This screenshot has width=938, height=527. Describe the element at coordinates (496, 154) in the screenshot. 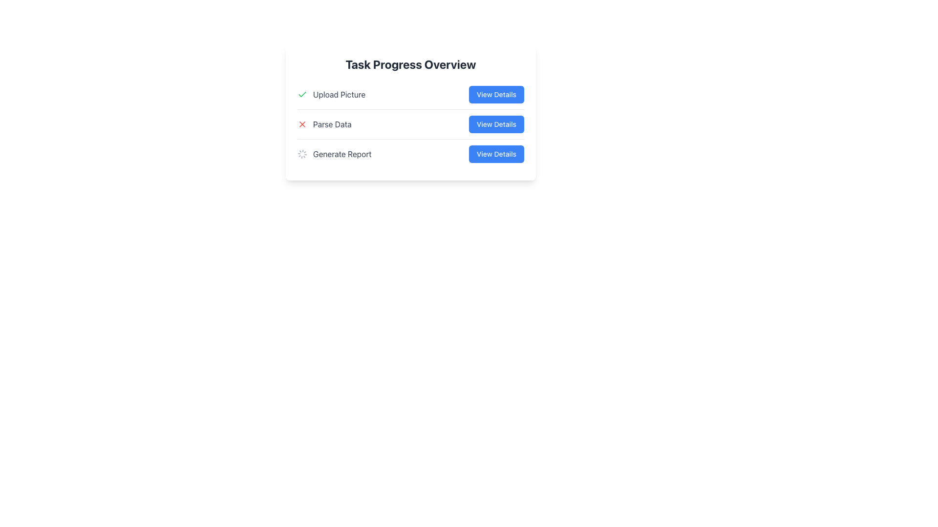

I see `the blue rectangular button with rounded corners and white text reading 'View Details' located at the right end of the third row, adjacent to 'Generate Report'` at that location.